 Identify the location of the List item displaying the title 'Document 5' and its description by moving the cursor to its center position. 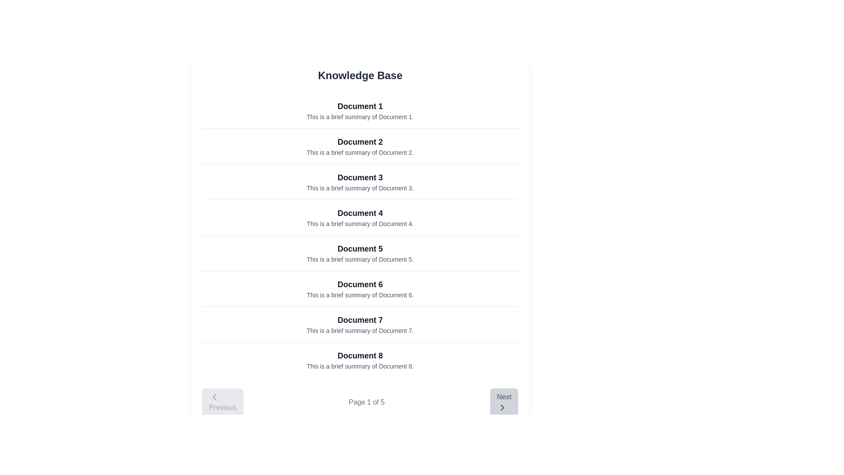
(360, 253).